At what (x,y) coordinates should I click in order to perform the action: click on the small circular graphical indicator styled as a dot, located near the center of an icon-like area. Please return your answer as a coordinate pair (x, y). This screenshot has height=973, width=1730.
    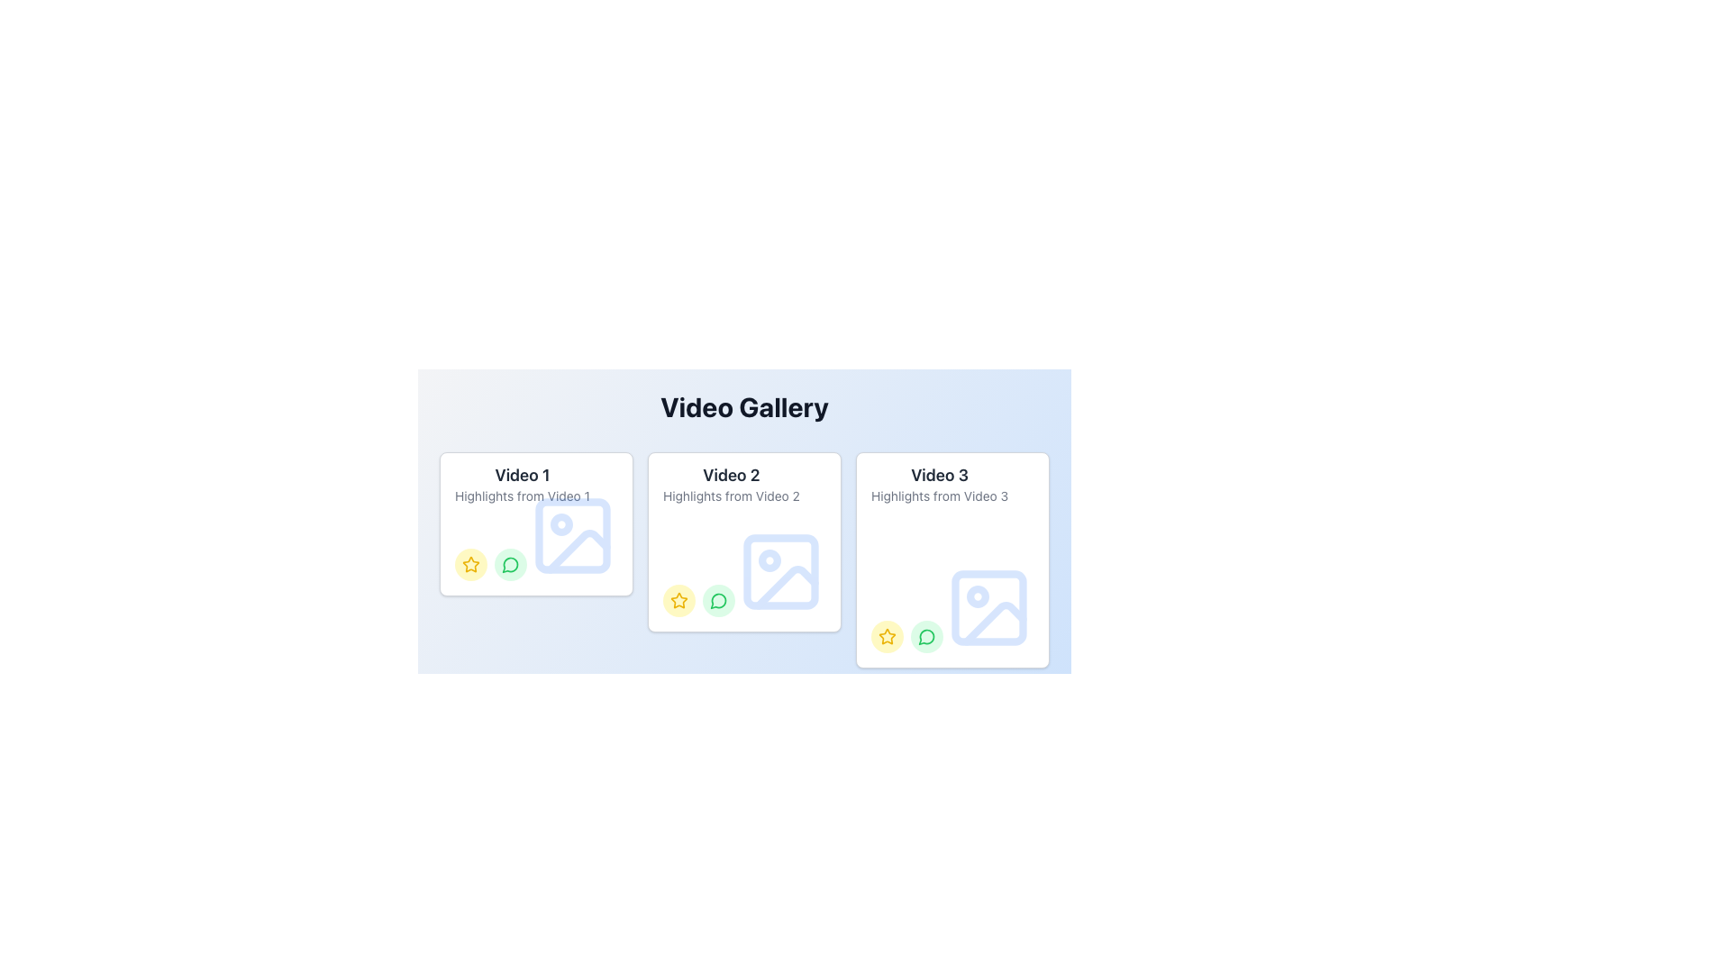
    Looking at the image, I should click on (560, 524).